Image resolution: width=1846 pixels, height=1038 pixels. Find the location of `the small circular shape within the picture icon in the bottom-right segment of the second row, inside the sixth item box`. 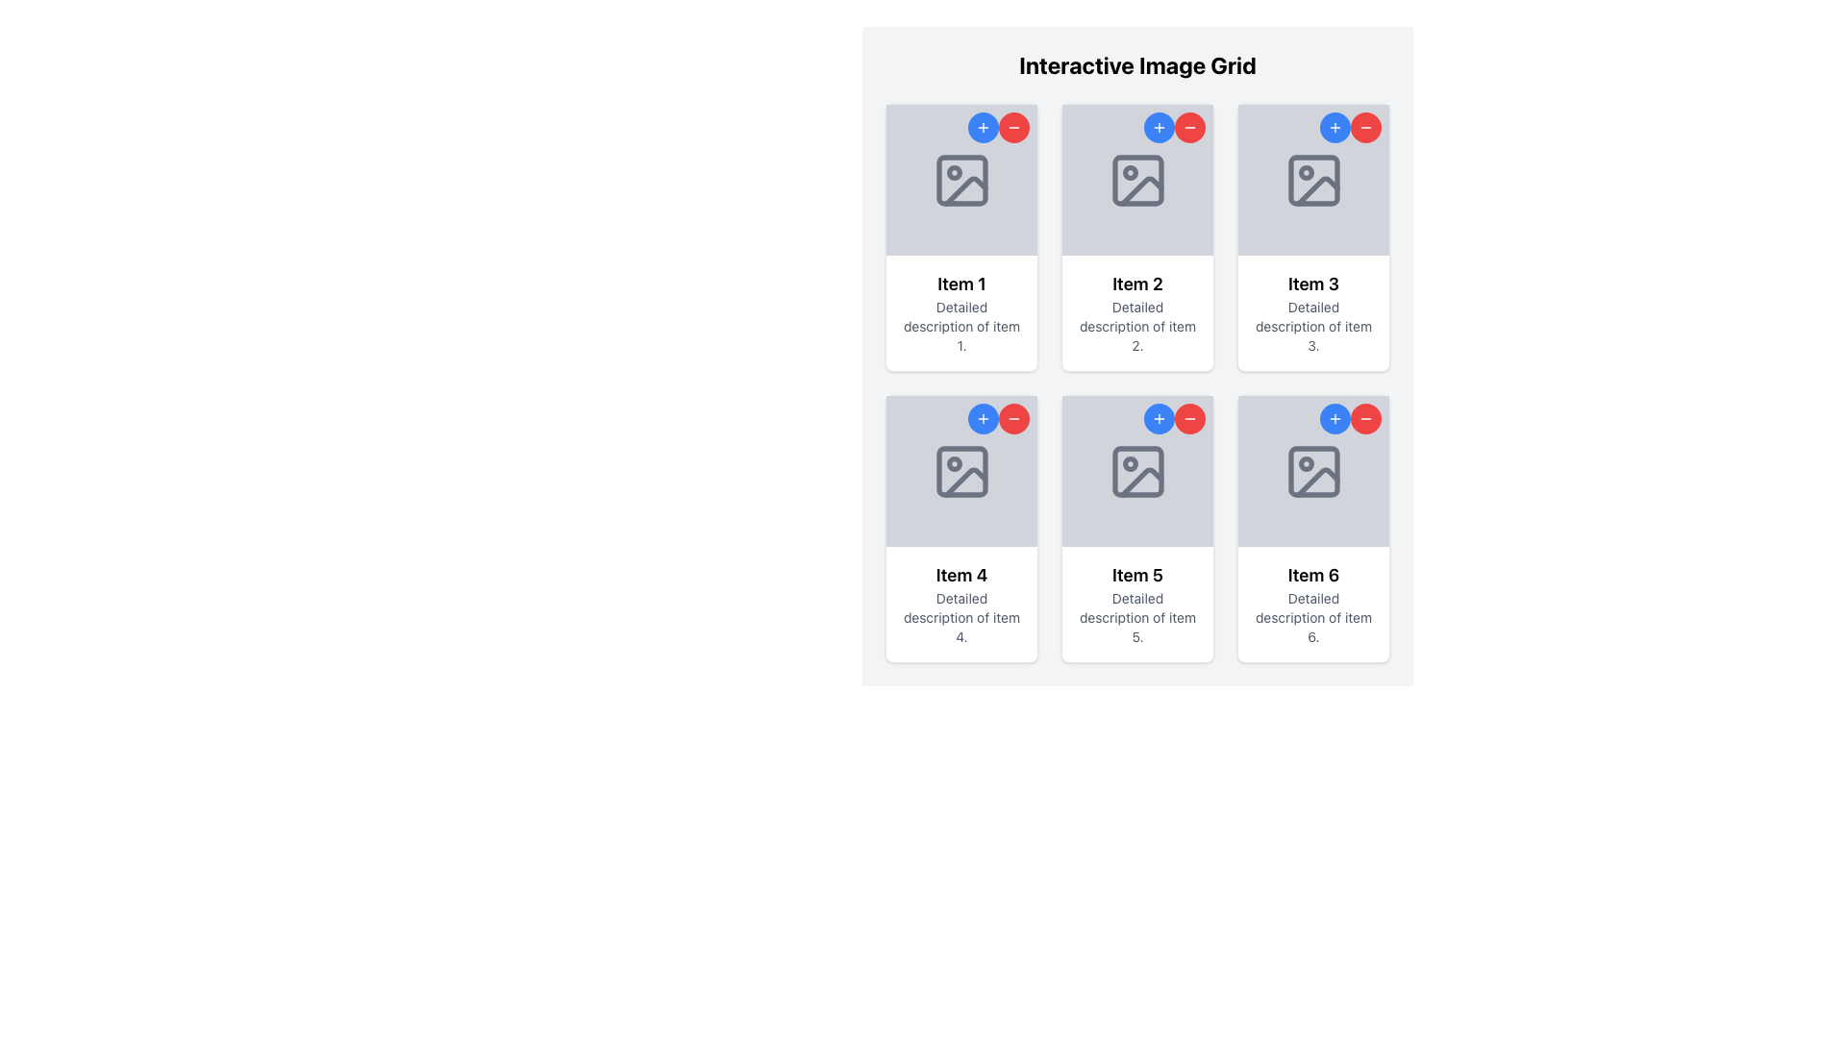

the small circular shape within the picture icon in the bottom-right segment of the second row, inside the sixth item box is located at coordinates (1306, 463).